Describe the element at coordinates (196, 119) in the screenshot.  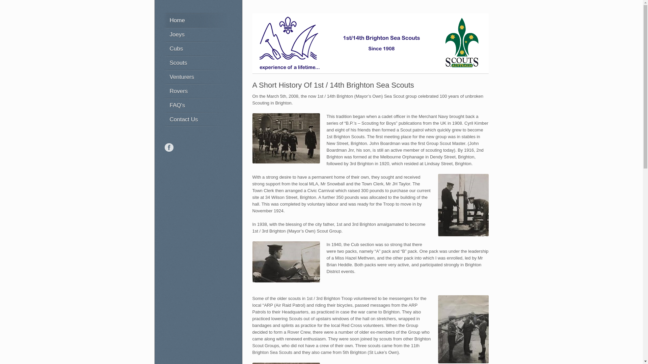
I see `'Contact Us'` at that location.